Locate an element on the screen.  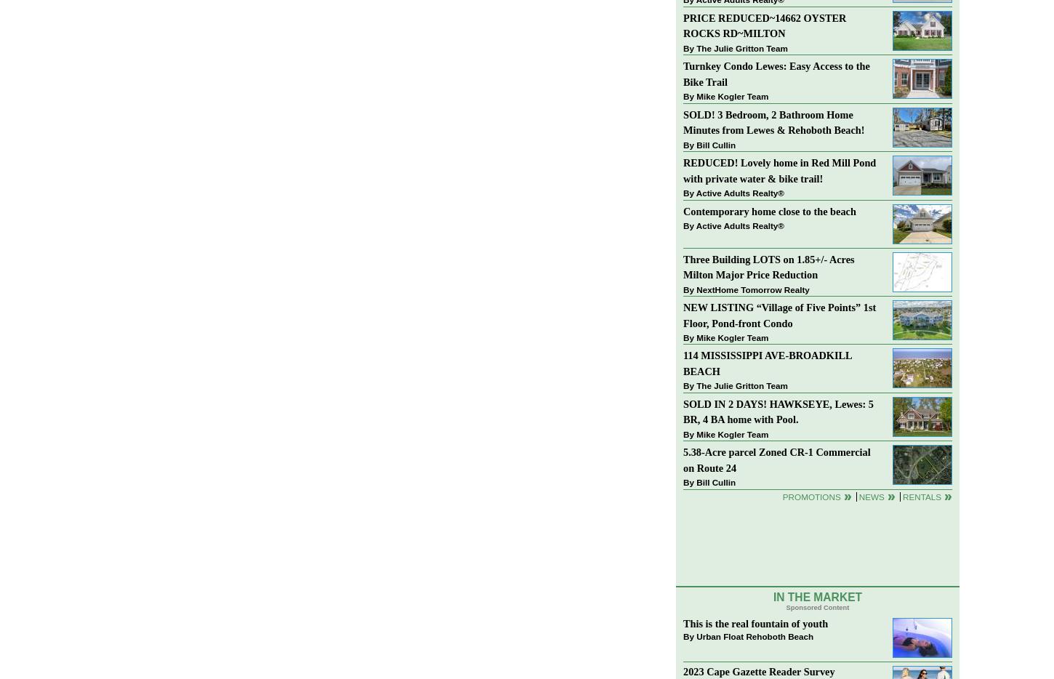
'News' is located at coordinates (870, 495).